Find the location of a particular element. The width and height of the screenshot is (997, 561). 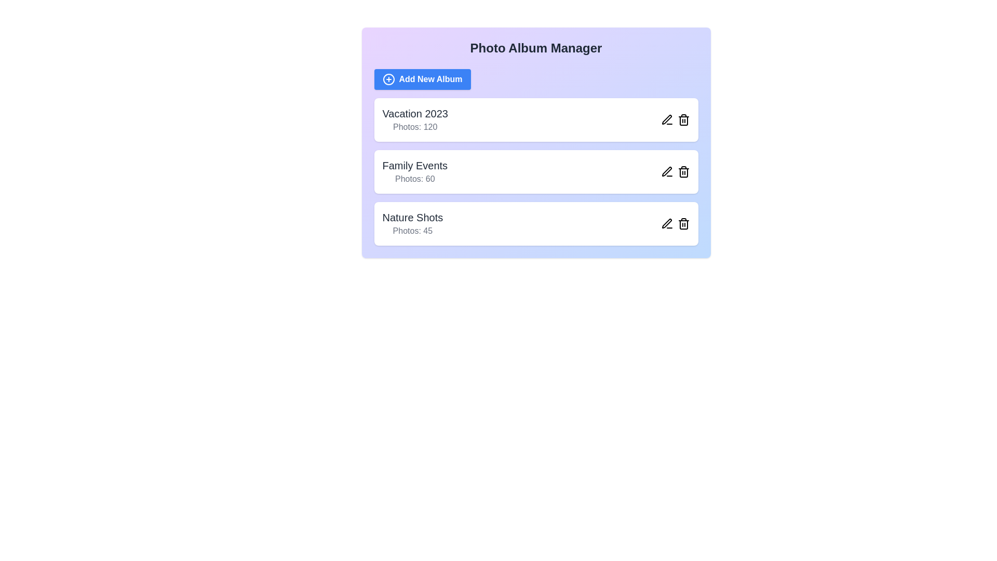

the edit button for the album titled Family Events is located at coordinates (667, 171).